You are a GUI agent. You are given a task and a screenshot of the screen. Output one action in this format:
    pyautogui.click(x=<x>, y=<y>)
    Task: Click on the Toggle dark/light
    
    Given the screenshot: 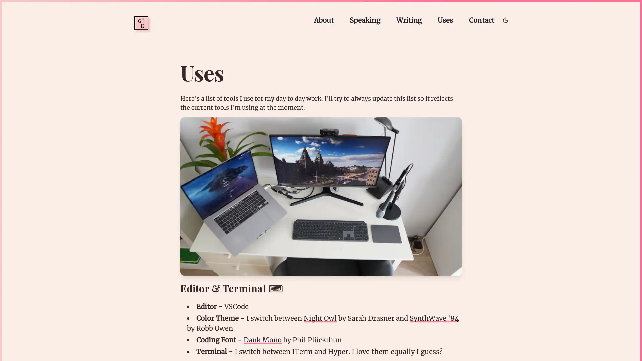 What is the action you would take?
    pyautogui.click(x=506, y=19)
    